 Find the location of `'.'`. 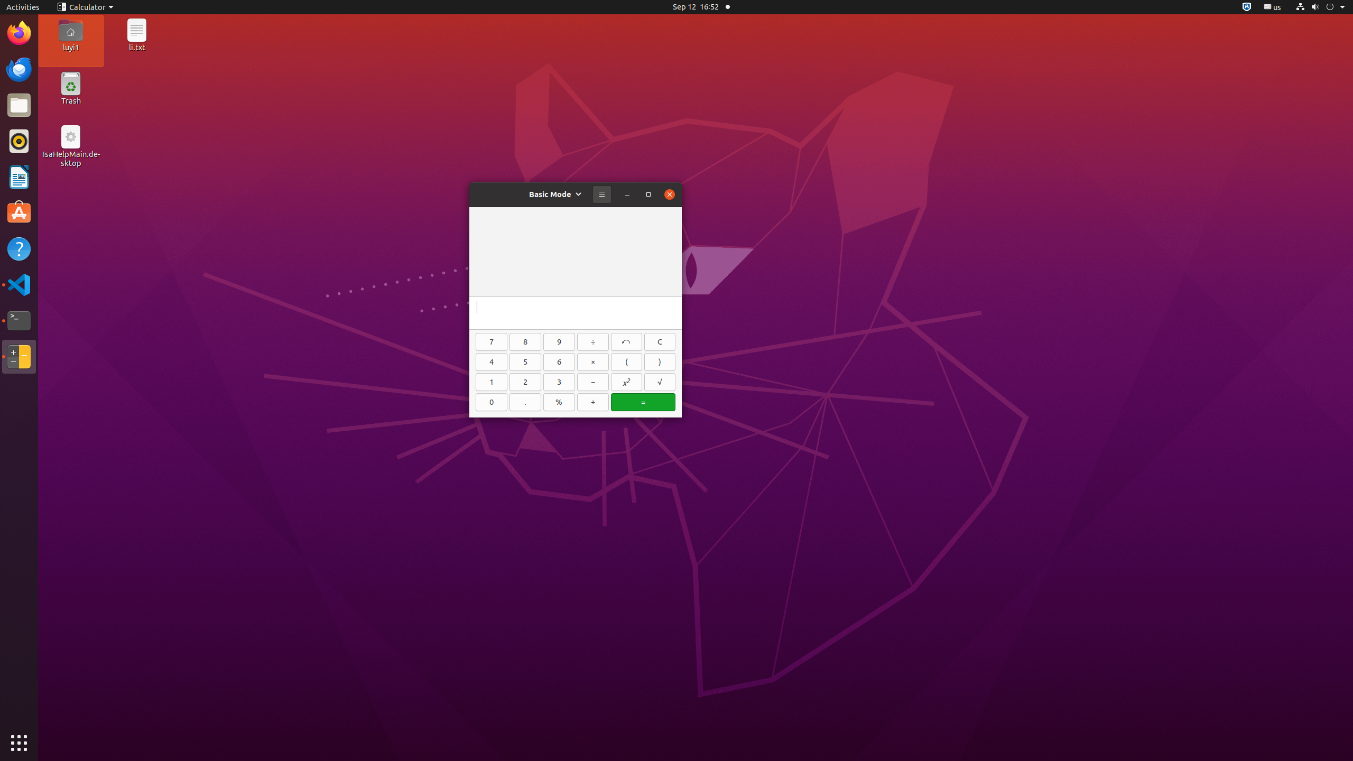

'.' is located at coordinates (525, 402).